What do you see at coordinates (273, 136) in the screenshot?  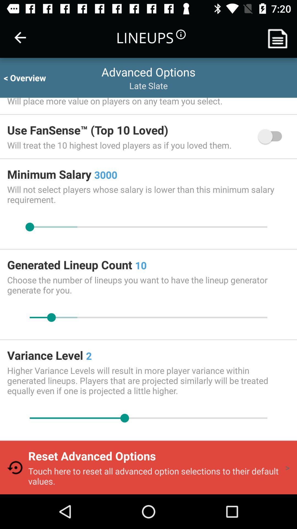 I see `item next to the will treat the icon` at bounding box center [273, 136].